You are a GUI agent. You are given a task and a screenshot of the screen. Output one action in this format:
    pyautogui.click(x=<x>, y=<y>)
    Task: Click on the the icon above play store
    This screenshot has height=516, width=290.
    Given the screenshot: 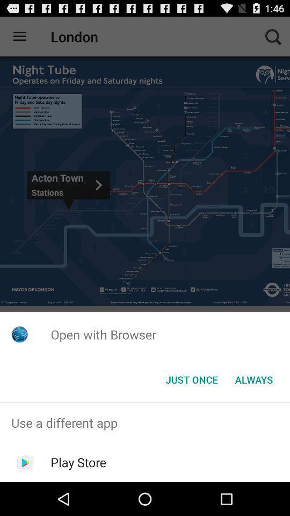 What is the action you would take?
    pyautogui.click(x=145, y=422)
    